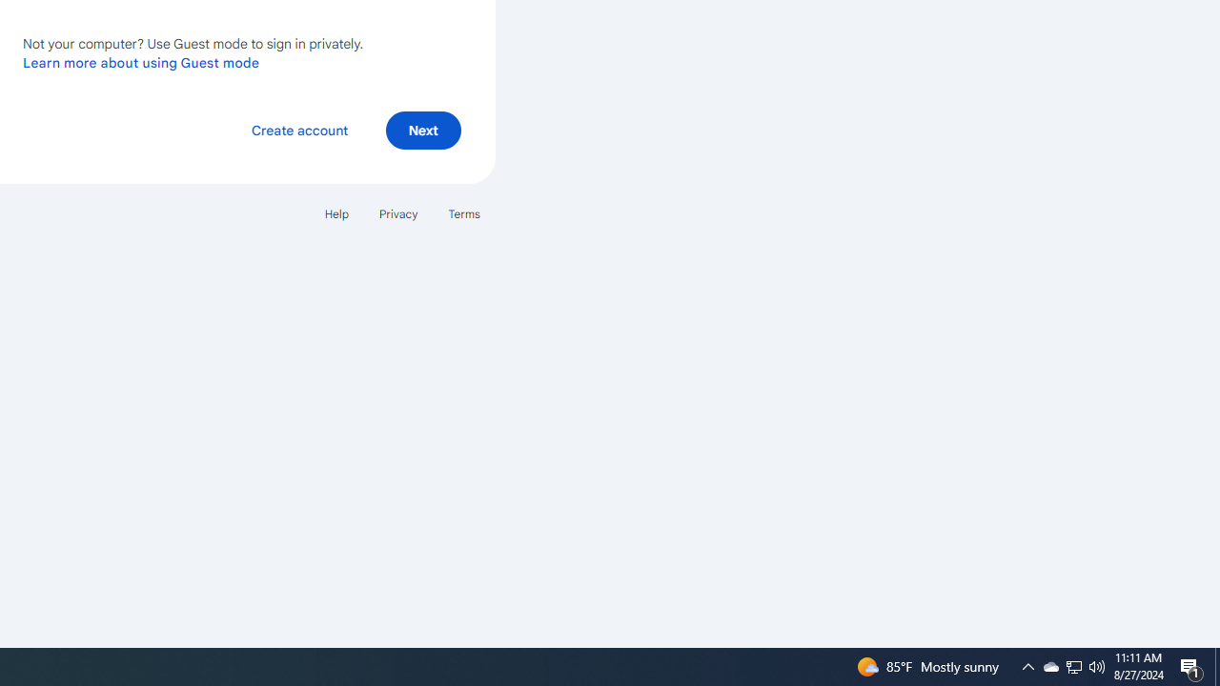 This screenshot has height=686, width=1220. I want to click on 'Create account', so click(298, 129).